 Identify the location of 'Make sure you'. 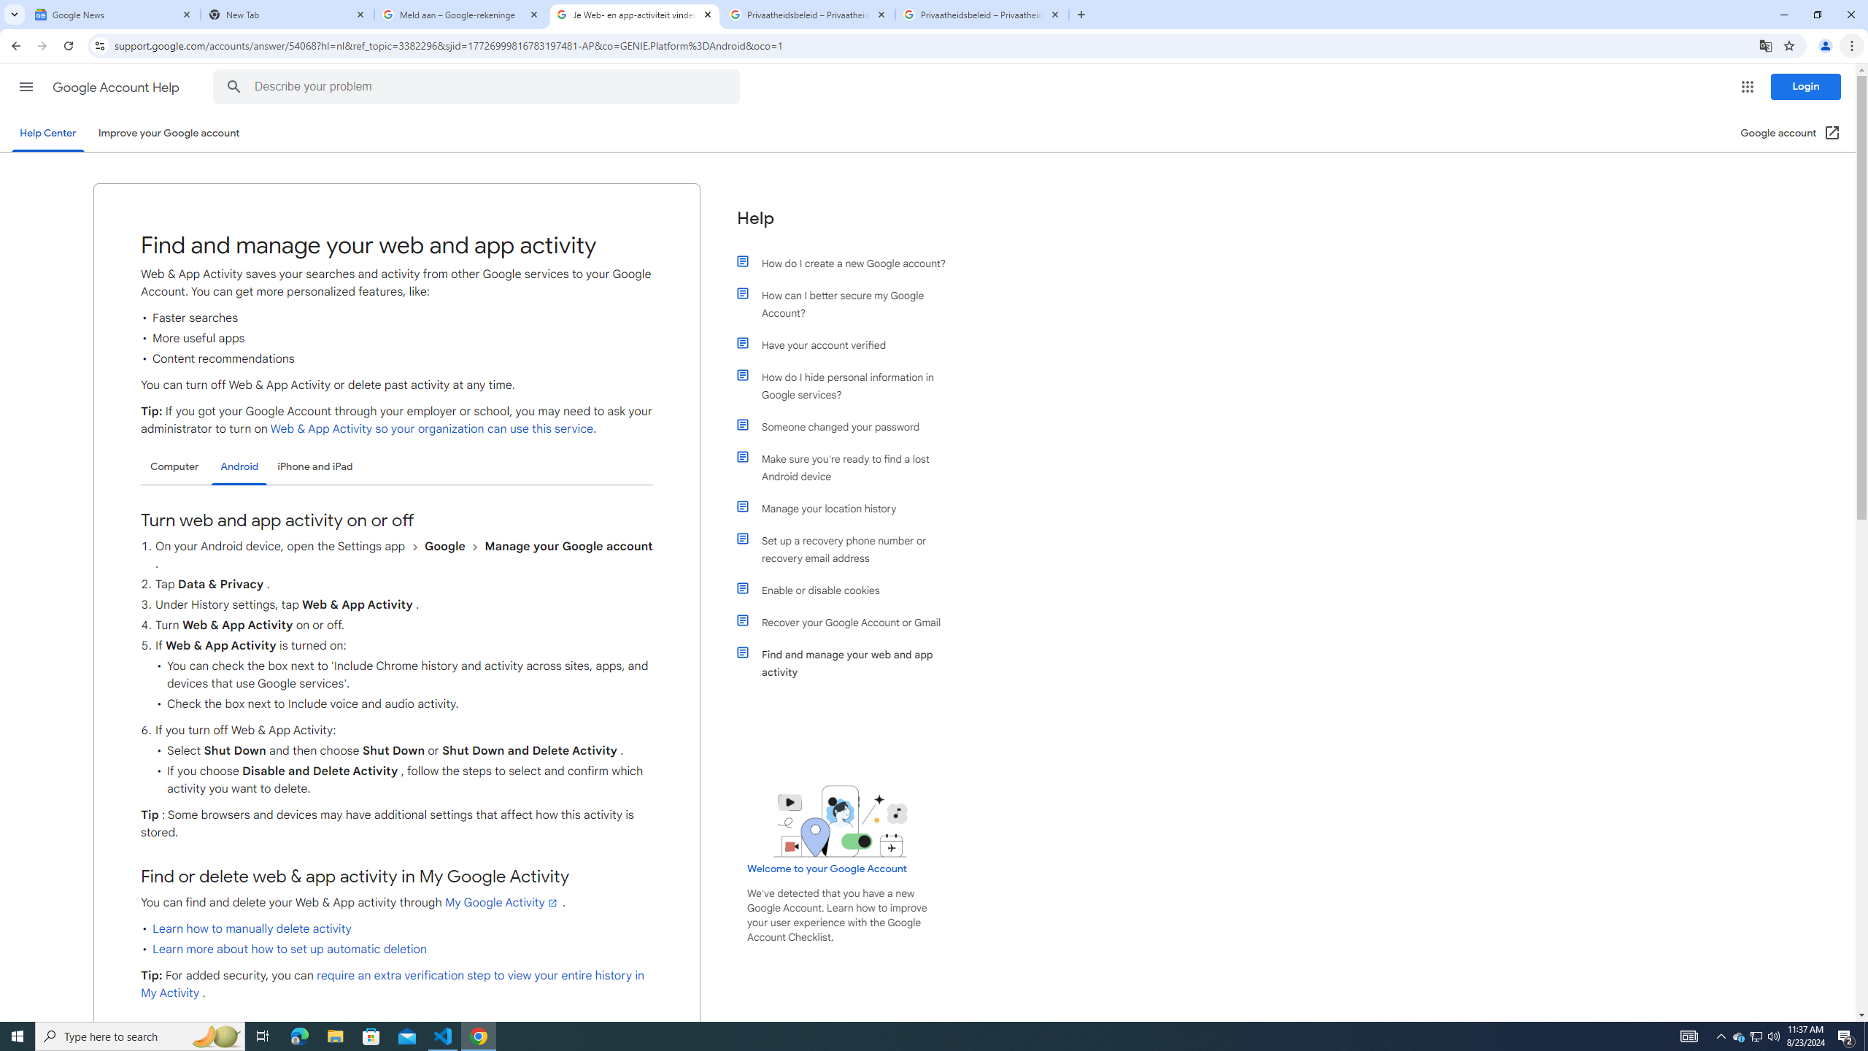
(848, 467).